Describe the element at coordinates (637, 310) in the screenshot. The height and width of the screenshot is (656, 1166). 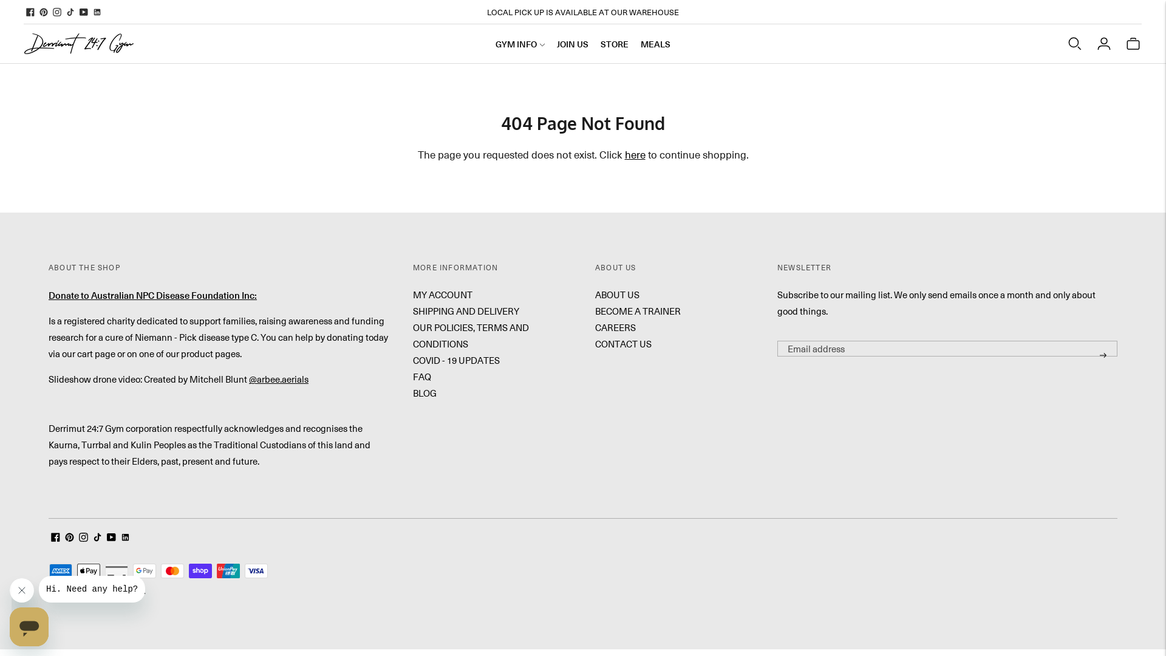
I see `'BECOME A TRAINER'` at that location.